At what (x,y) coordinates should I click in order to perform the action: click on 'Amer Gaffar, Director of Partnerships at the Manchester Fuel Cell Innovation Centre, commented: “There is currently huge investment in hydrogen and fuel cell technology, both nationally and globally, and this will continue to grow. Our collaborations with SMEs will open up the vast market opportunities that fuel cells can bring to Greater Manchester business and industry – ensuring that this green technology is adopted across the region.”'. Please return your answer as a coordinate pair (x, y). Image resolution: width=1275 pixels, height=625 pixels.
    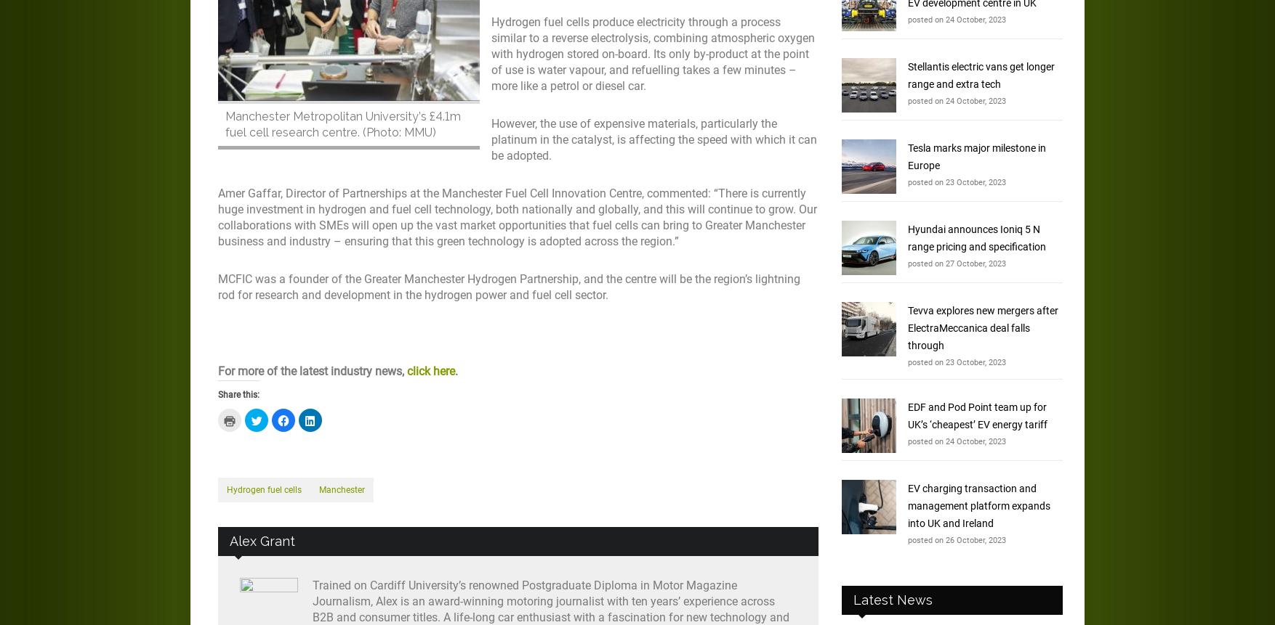
    Looking at the image, I should click on (517, 217).